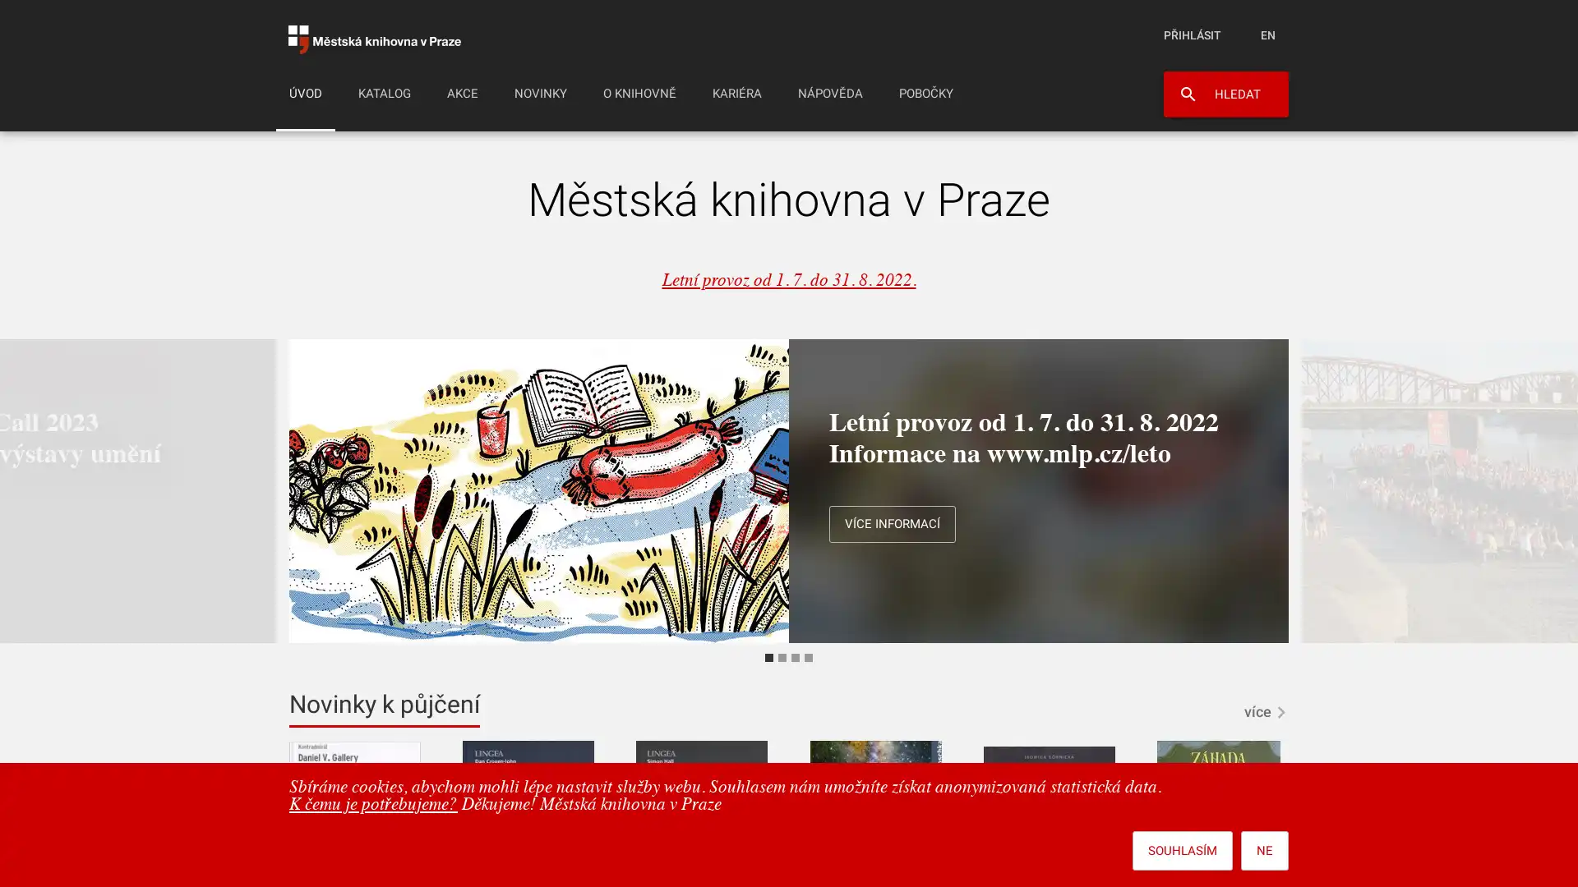  Describe the element at coordinates (1264, 850) in the screenshot. I see `NE` at that location.